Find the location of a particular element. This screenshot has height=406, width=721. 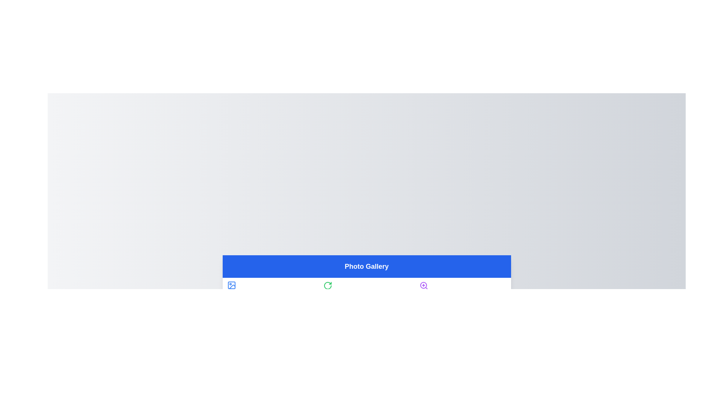

the tab labeled Gallery is located at coordinates (270, 289).